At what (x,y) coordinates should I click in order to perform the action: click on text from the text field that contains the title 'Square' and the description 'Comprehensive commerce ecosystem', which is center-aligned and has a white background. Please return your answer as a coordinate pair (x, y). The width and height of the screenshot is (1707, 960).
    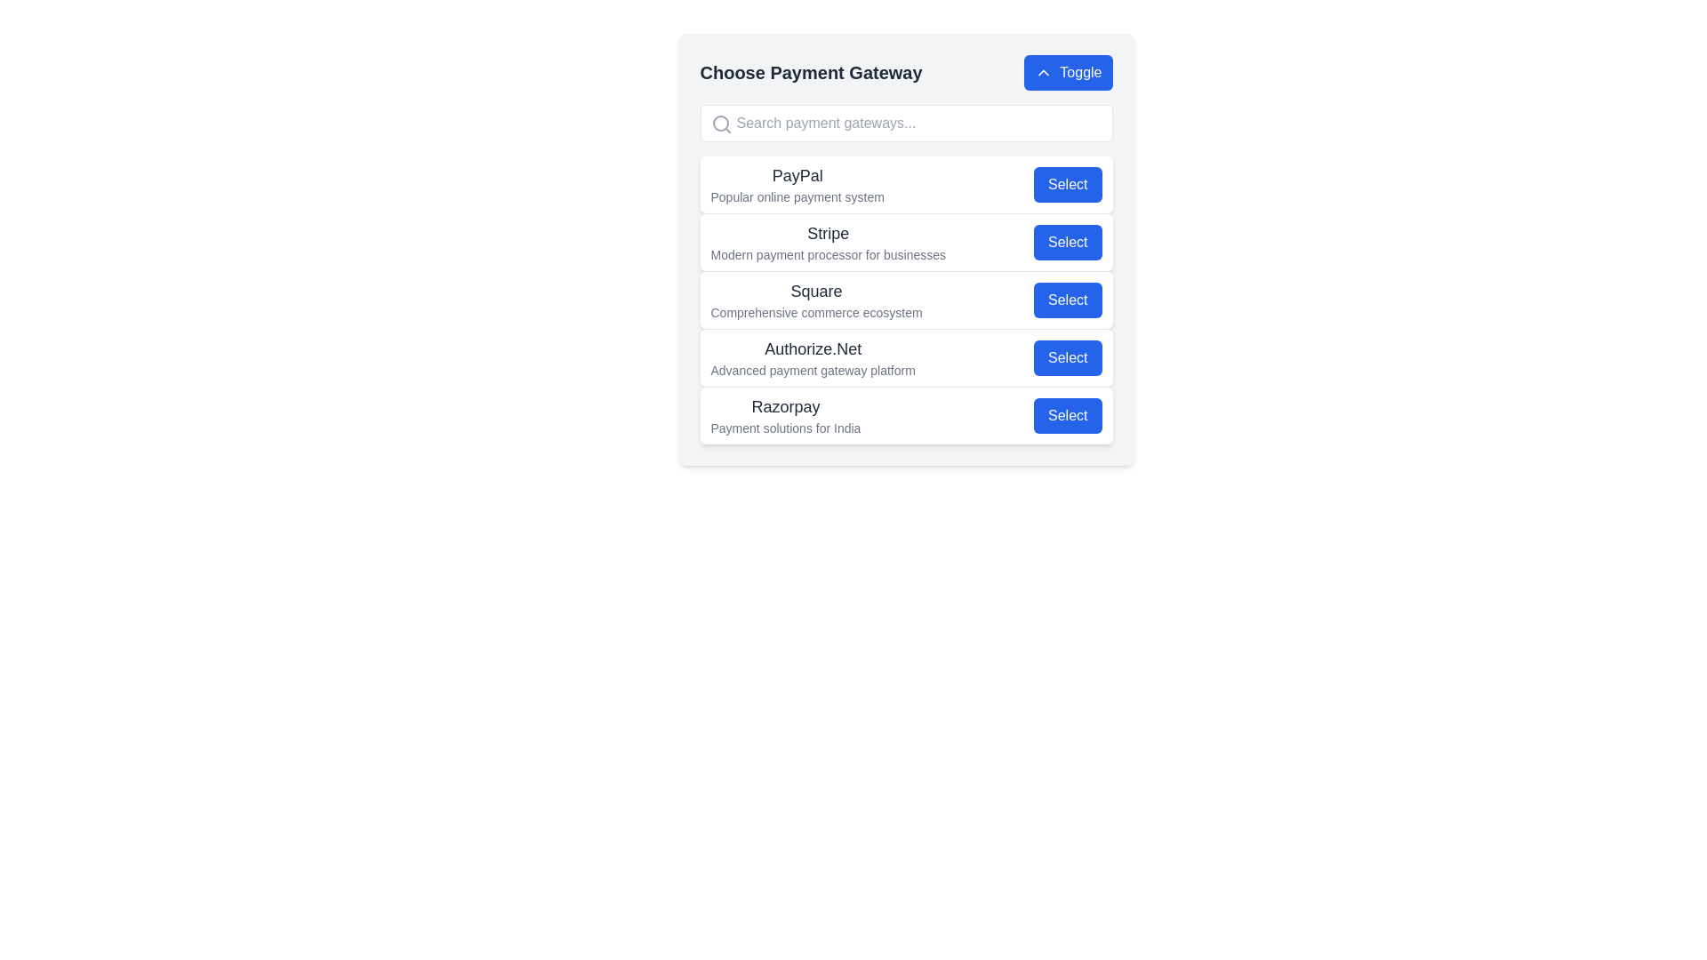
    Looking at the image, I should click on (815, 300).